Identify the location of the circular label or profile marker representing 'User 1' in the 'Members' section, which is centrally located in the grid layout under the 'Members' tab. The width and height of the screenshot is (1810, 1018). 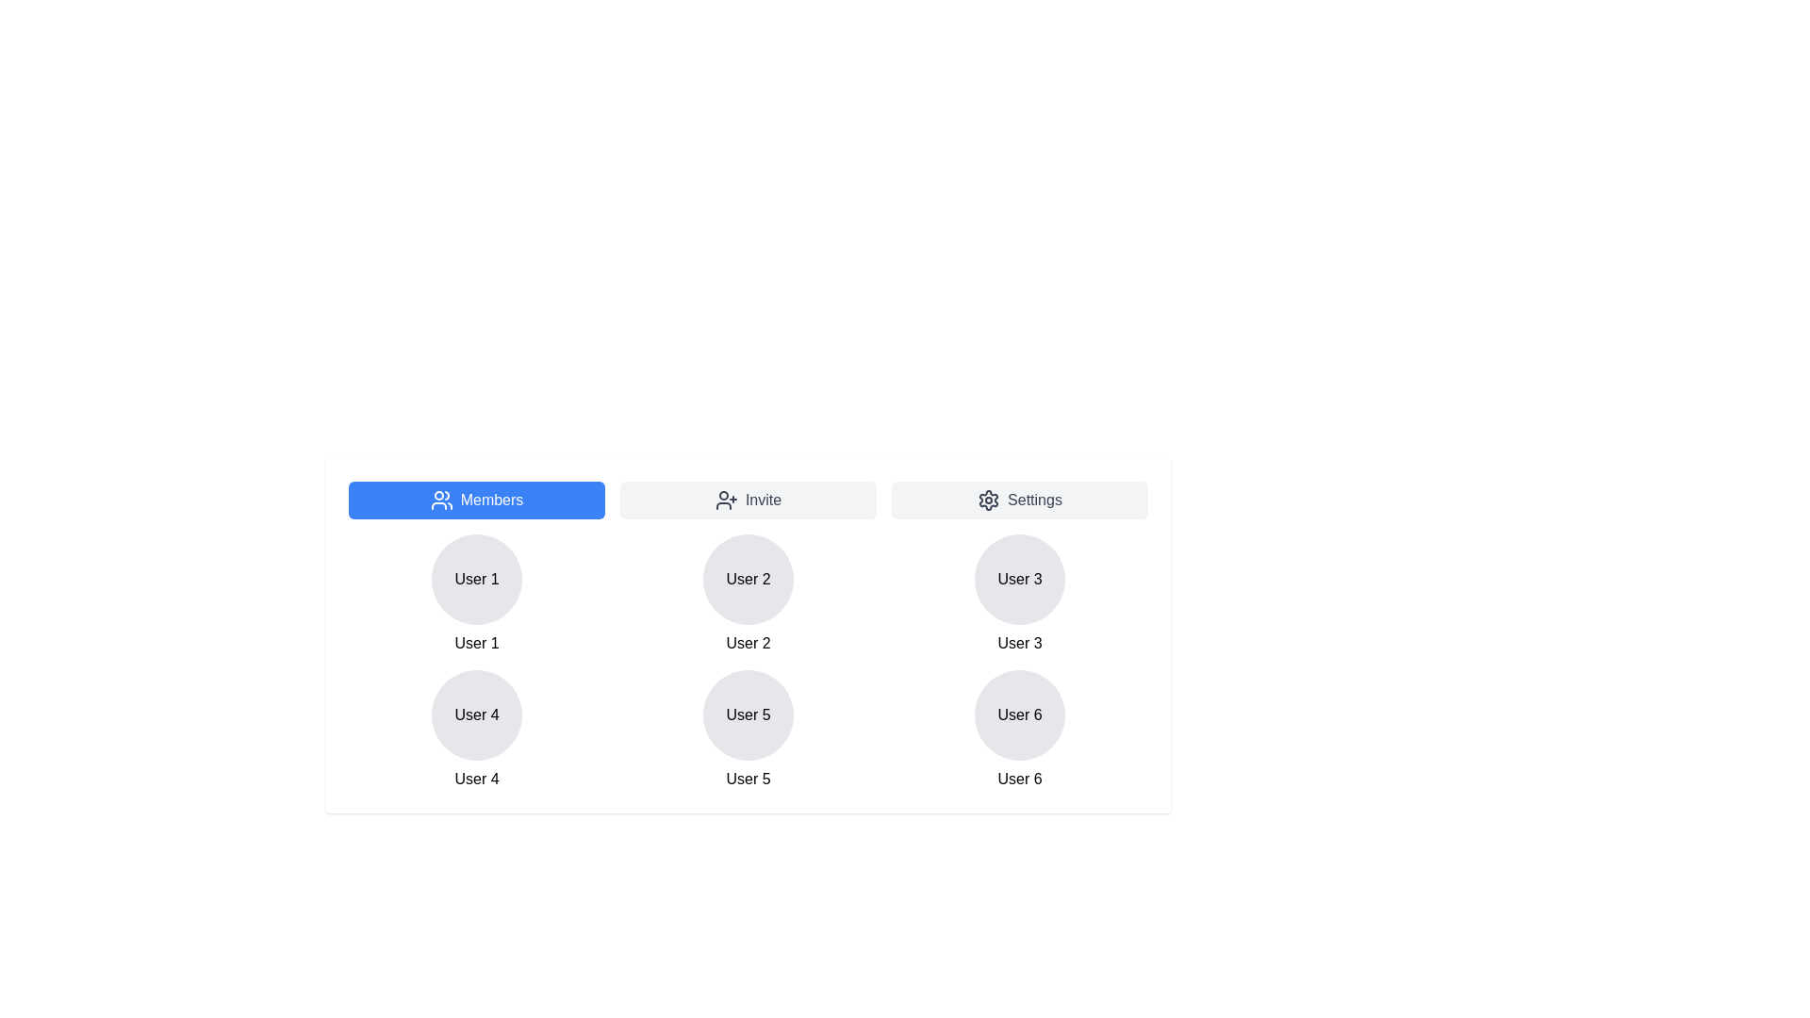
(476, 578).